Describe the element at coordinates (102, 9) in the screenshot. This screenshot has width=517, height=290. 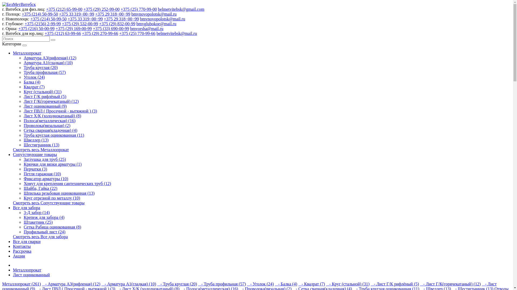
I see `'+375 (29) 252-99-00'` at that location.